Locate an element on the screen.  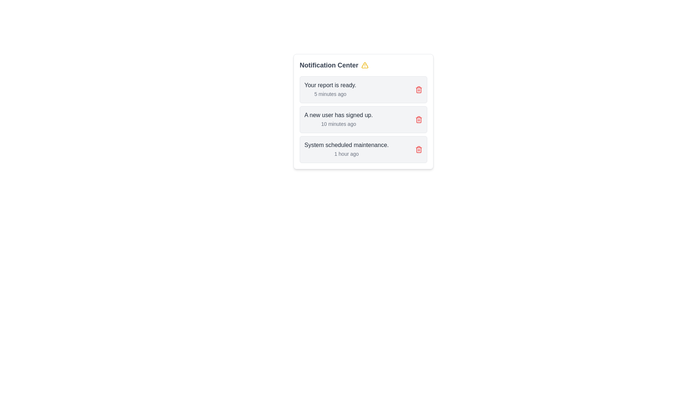
the third notification card in the Notification Center, which is styled with a rounded rectangle and contains textual information and an icon is located at coordinates (363, 149).